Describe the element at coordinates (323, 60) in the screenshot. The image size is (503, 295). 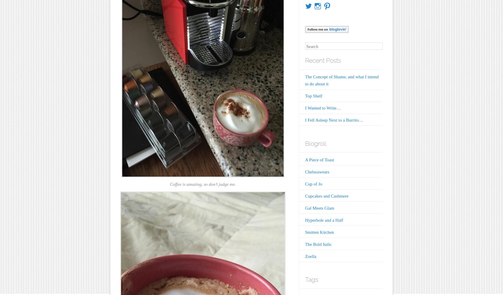
I see `'Recent Posts'` at that location.